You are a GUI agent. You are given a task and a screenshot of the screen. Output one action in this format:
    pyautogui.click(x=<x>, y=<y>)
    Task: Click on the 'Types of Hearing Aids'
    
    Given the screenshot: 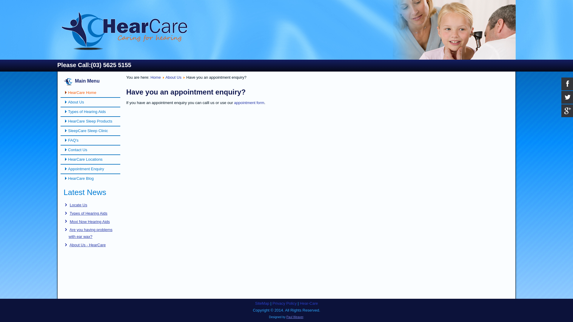 What is the action you would take?
    pyautogui.click(x=90, y=112)
    